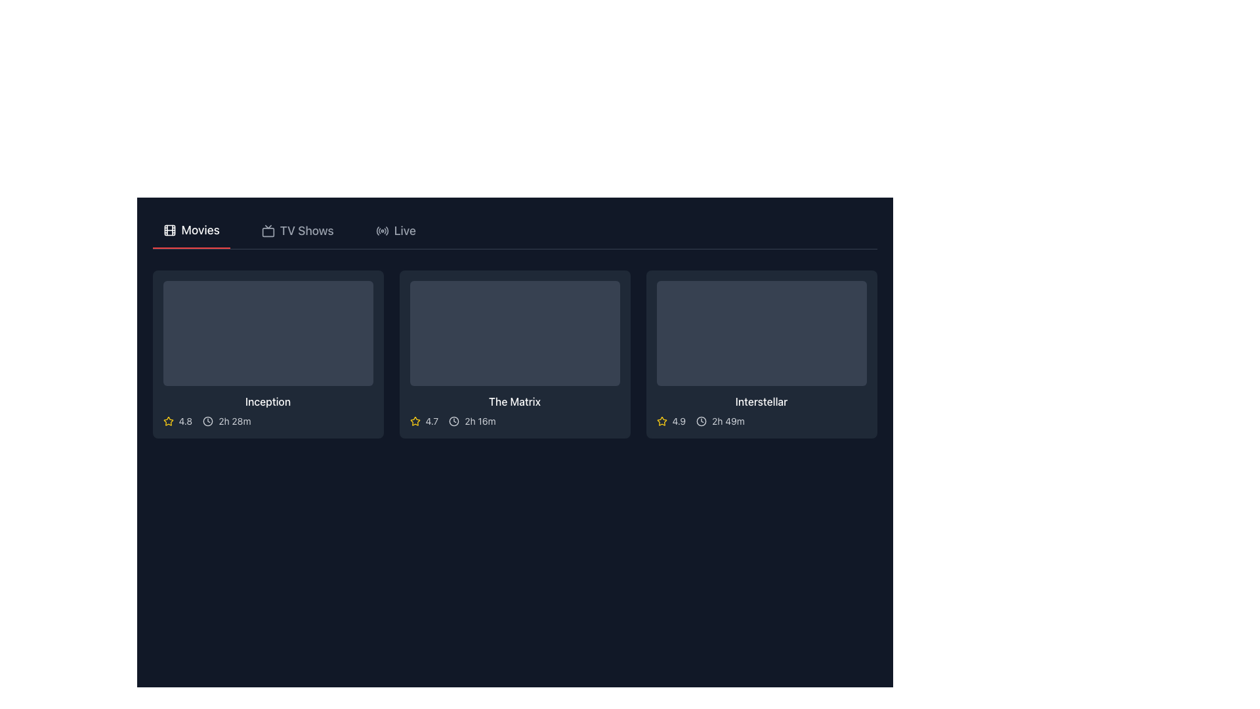 The width and height of the screenshot is (1260, 709). Describe the element at coordinates (169, 230) in the screenshot. I see `the 'Movies' tab icon` at that location.